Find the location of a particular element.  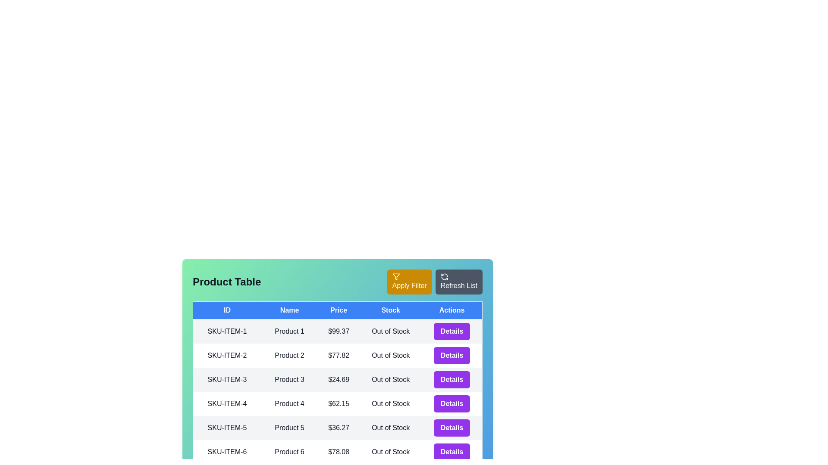

the button labeled Apply Filter is located at coordinates (409, 282).